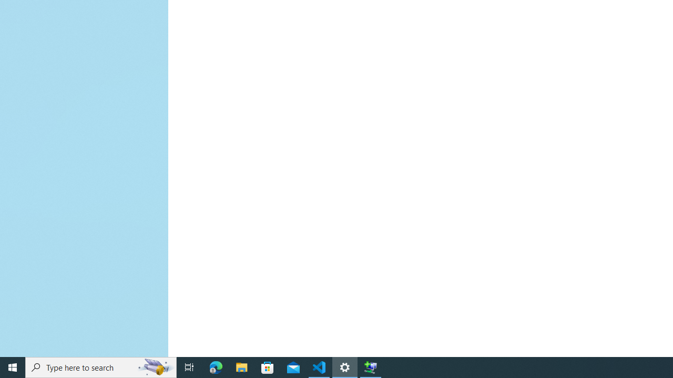 This screenshot has height=378, width=673. Describe the element at coordinates (241, 366) in the screenshot. I see `'File Explorer'` at that location.